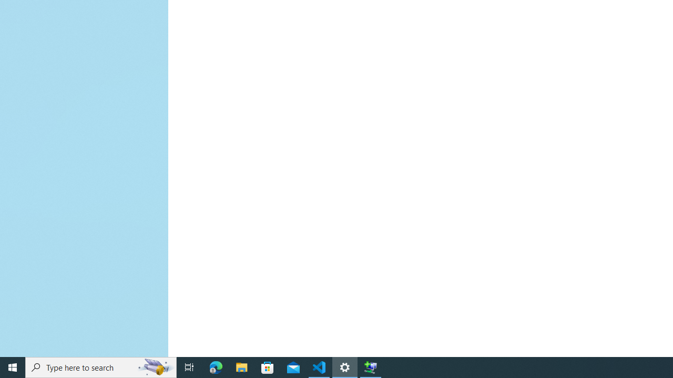 This screenshot has height=378, width=673. Describe the element at coordinates (241, 366) in the screenshot. I see `'File Explorer'` at that location.